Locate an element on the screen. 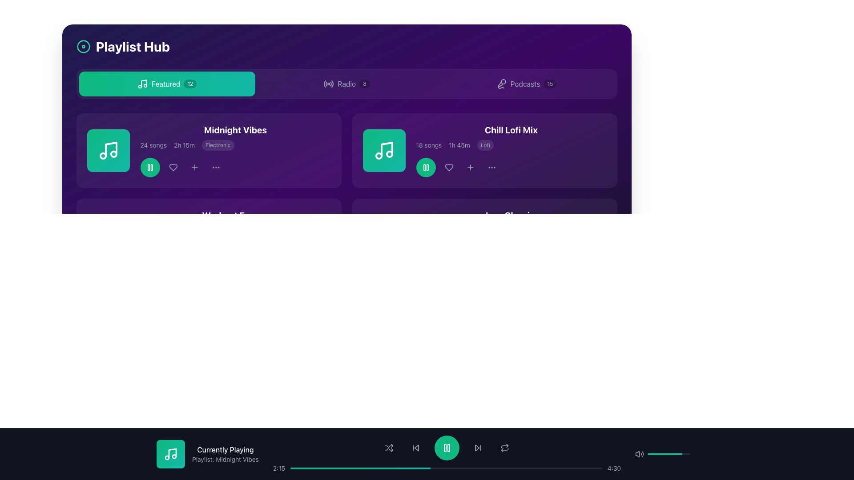 This screenshot has height=480, width=854. playback time is located at coordinates (524, 468).